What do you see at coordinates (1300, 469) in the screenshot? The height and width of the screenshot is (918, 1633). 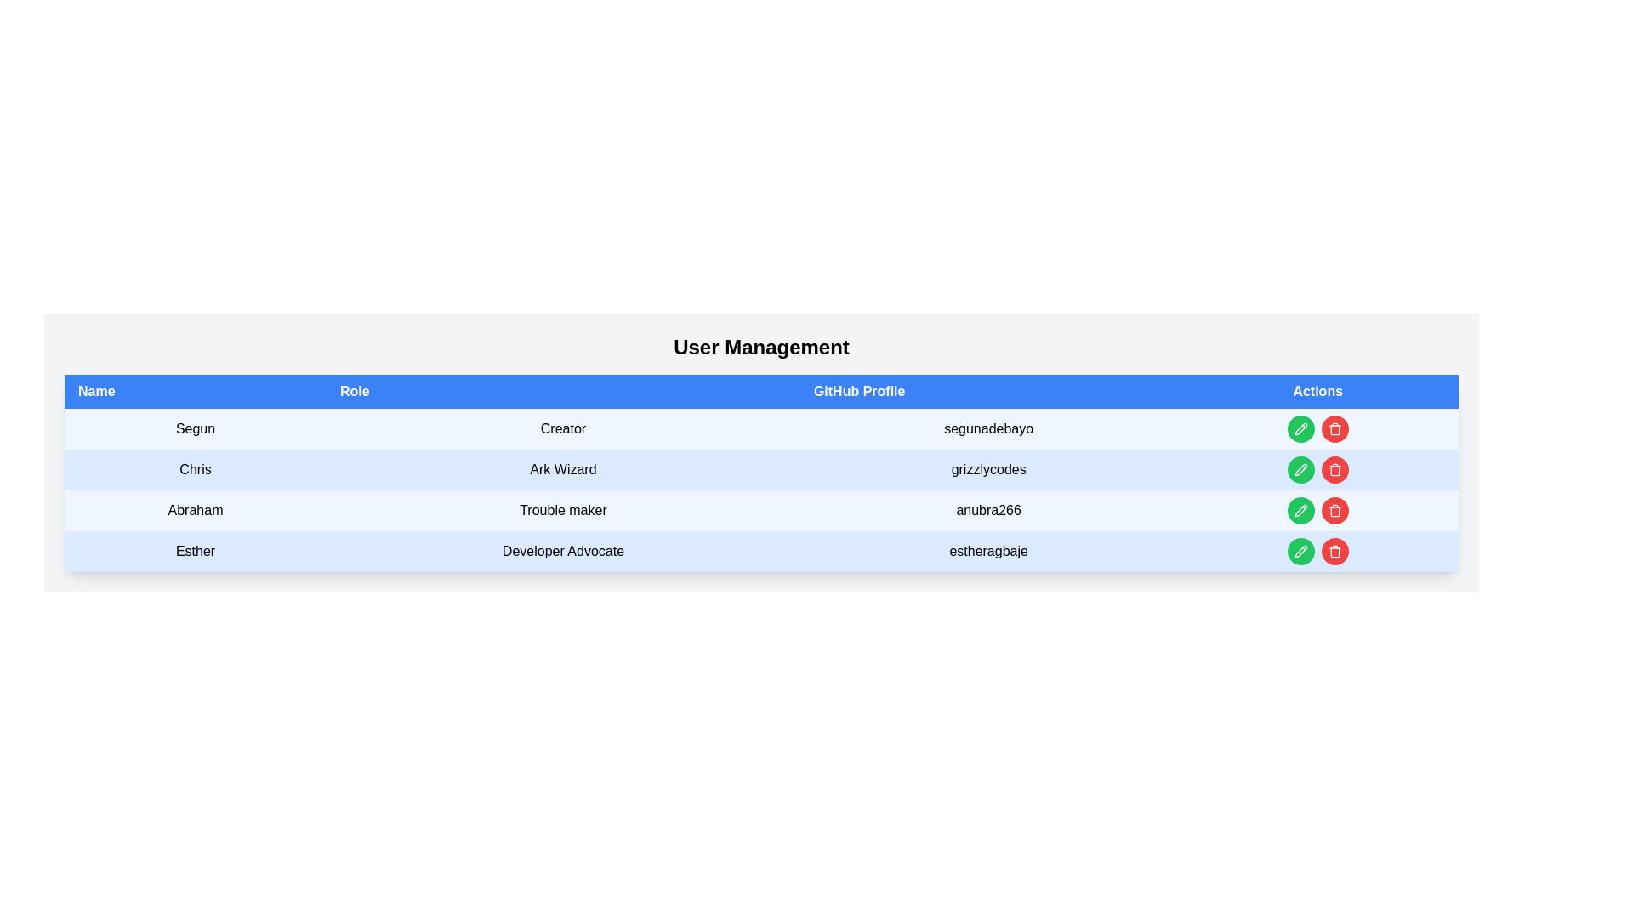 I see `the edit button located in the 'Actions' column of the third row, adjacent to the red delete button, to modify the information for 'Chris - Ark Wizard'` at bounding box center [1300, 469].